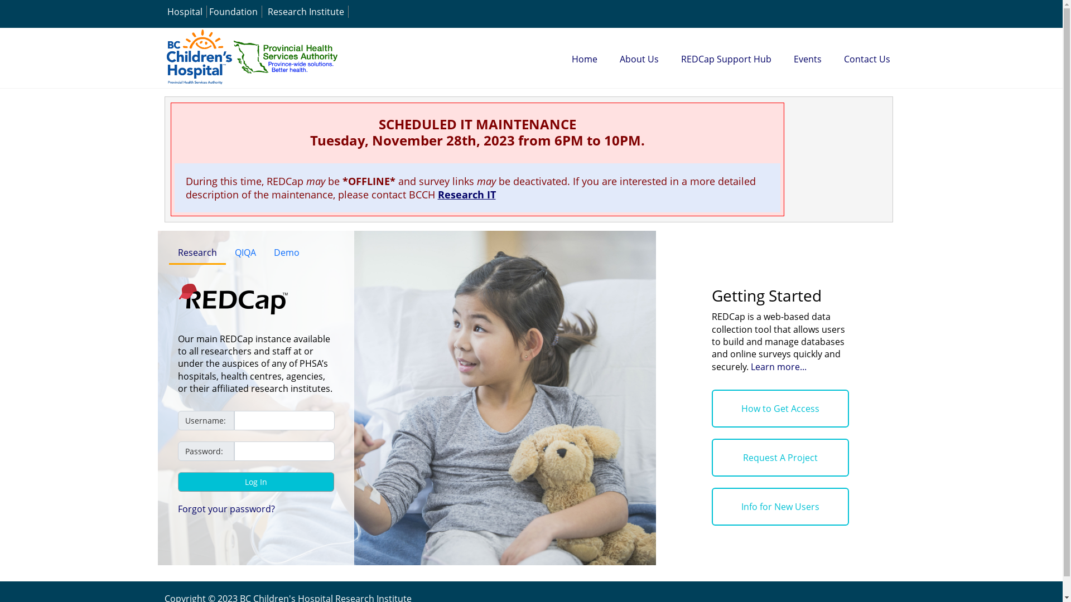 The height and width of the screenshot is (602, 1071). I want to click on 'Research', so click(197, 253).